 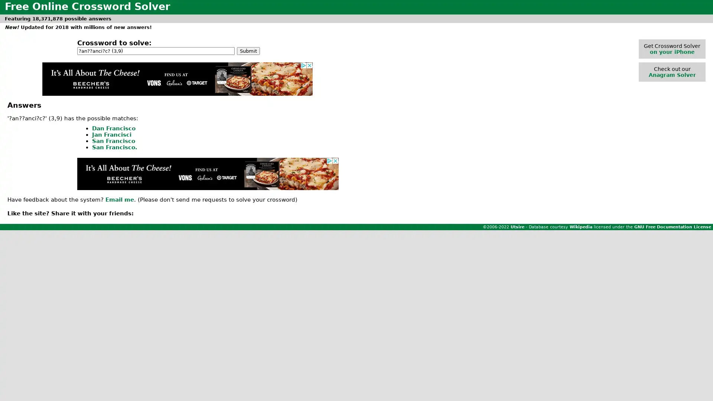 I want to click on Submit, so click(x=248, y=50).